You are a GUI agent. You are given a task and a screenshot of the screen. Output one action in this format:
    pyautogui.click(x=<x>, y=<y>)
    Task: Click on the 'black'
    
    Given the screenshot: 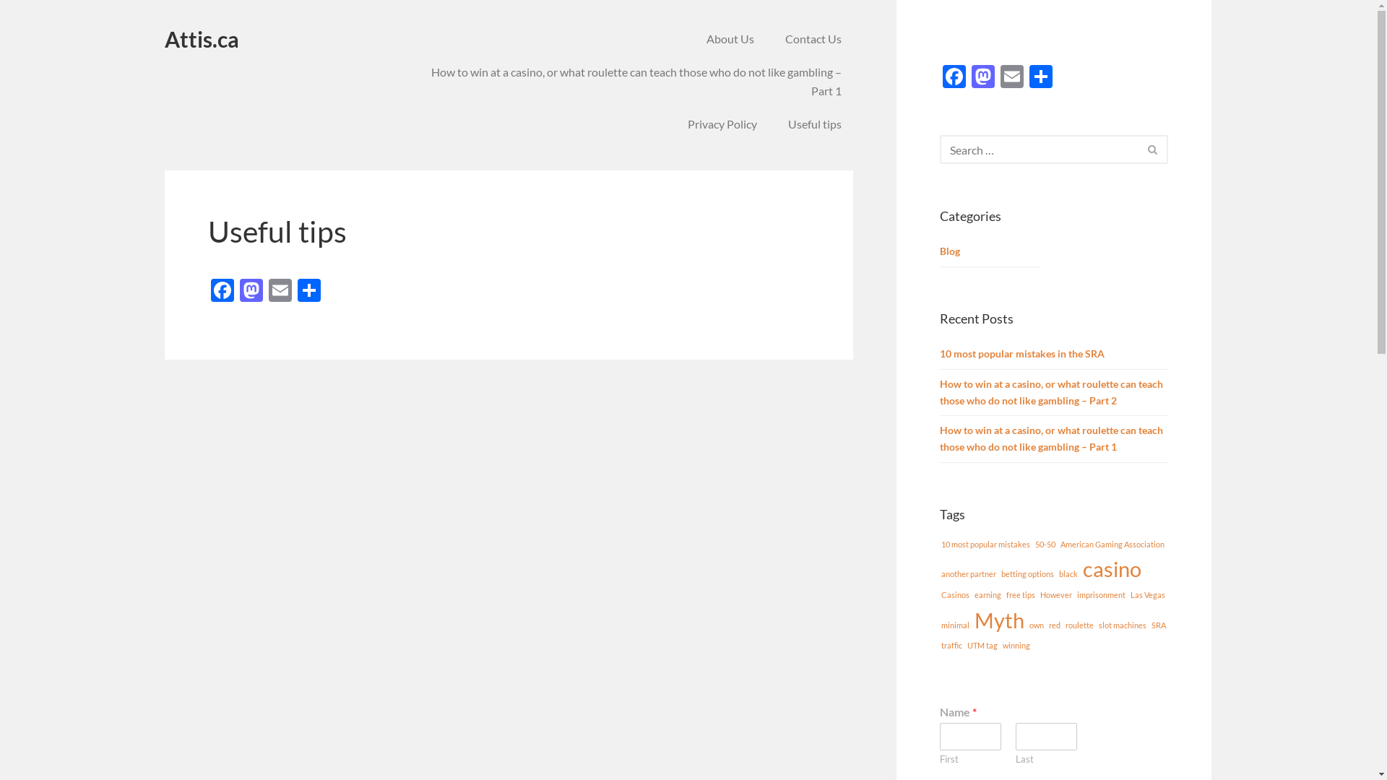 What is the action you would take?
    pyautogui.click(x=1068, y=573)
    